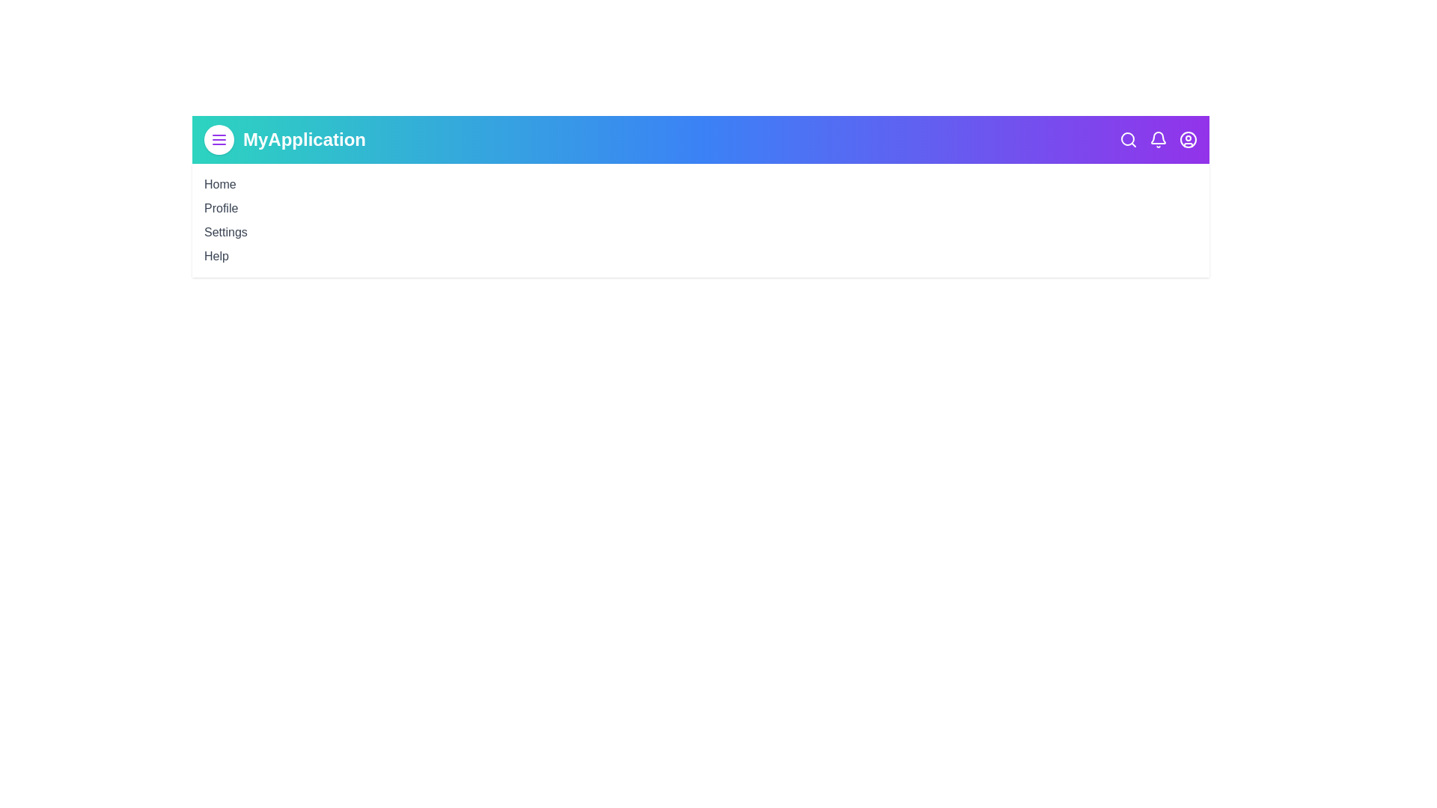  I want to click on the user circle icon to access the user profile, so click(1188, 139).